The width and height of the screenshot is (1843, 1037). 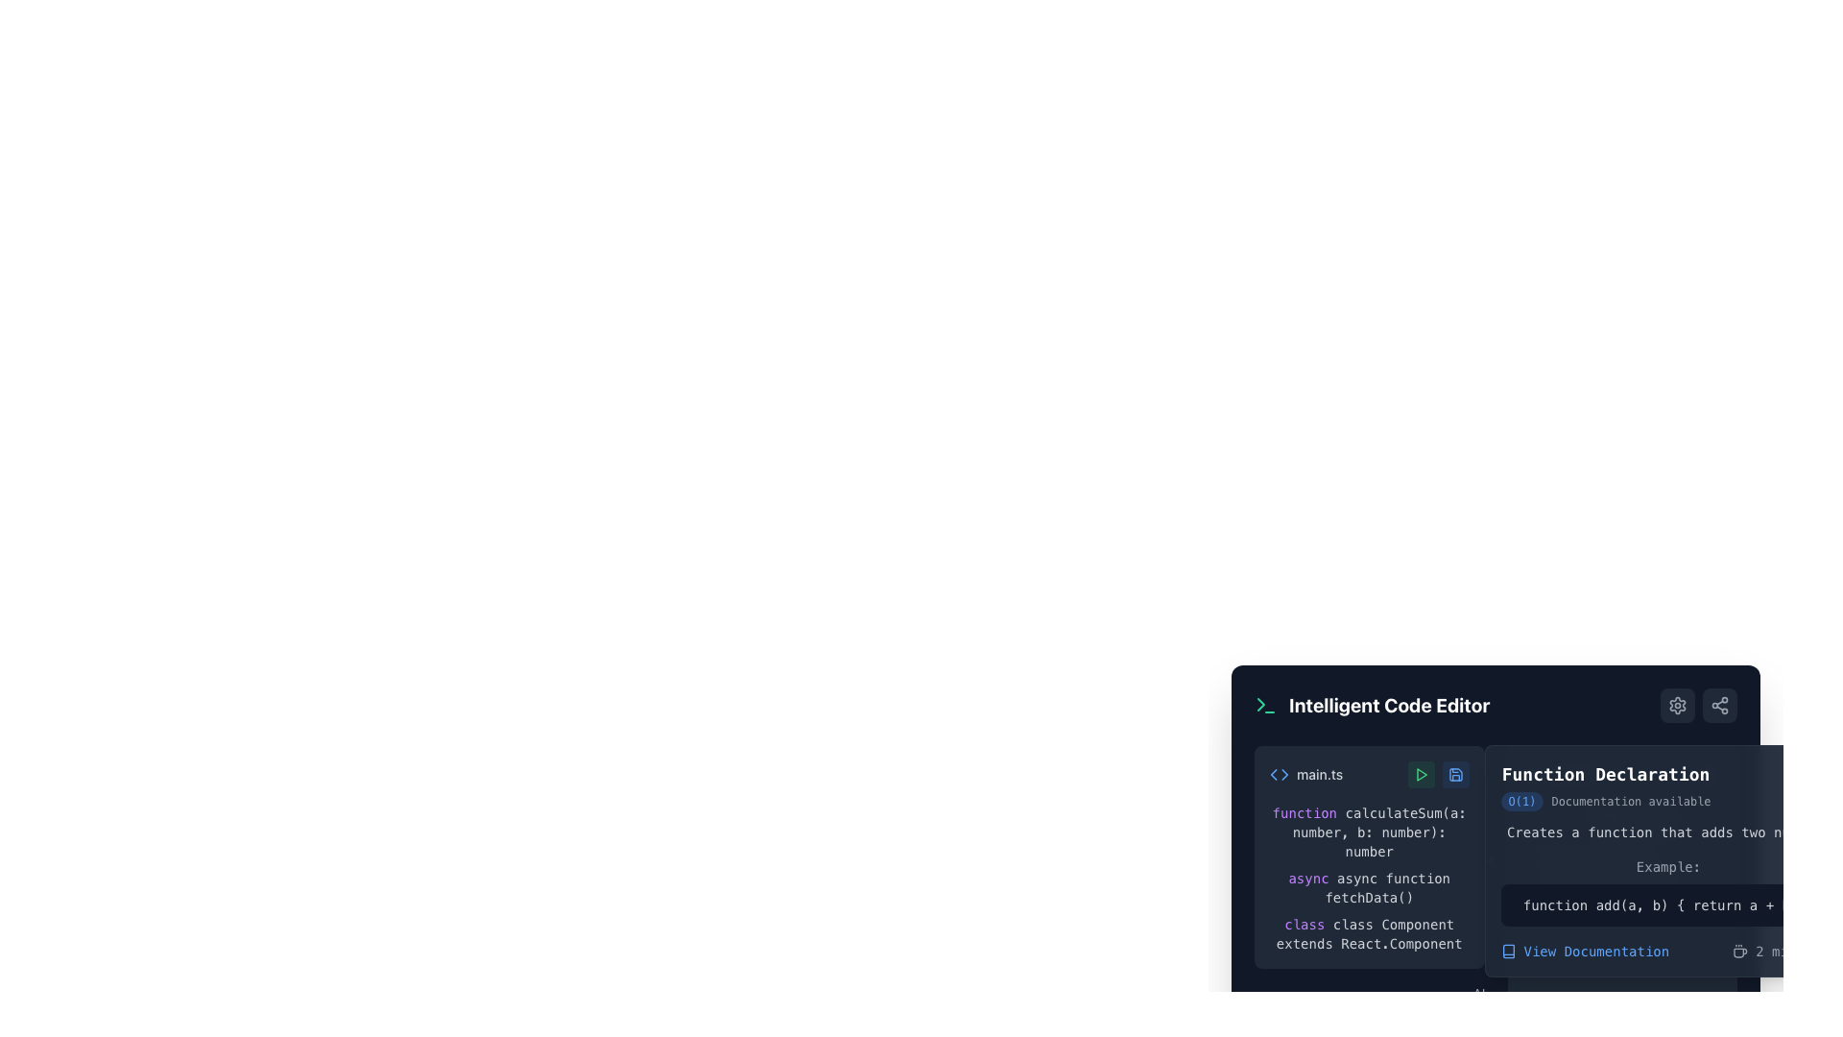 What do you see at coordinates (1304, 813) in the screenshot?
I see `the highlighted purple text keyword 'function' located at the beginning of the function declaration` at bounding box center [1304, 813].